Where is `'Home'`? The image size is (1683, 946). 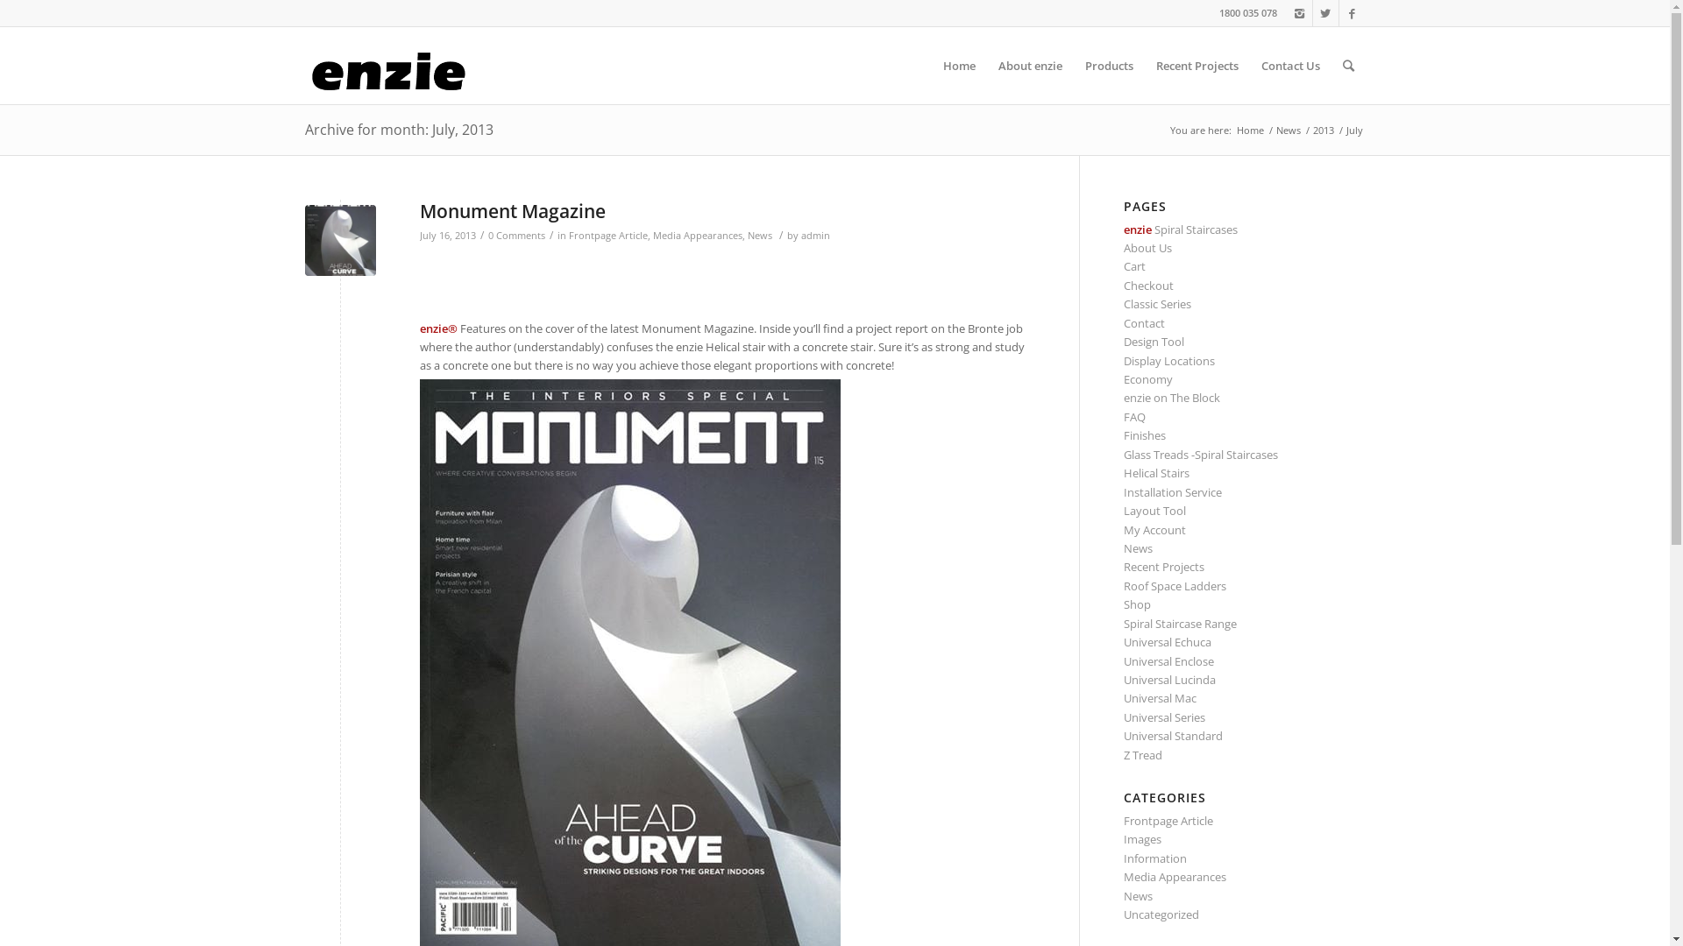 'Home' is located at coordinates (1249, 129).